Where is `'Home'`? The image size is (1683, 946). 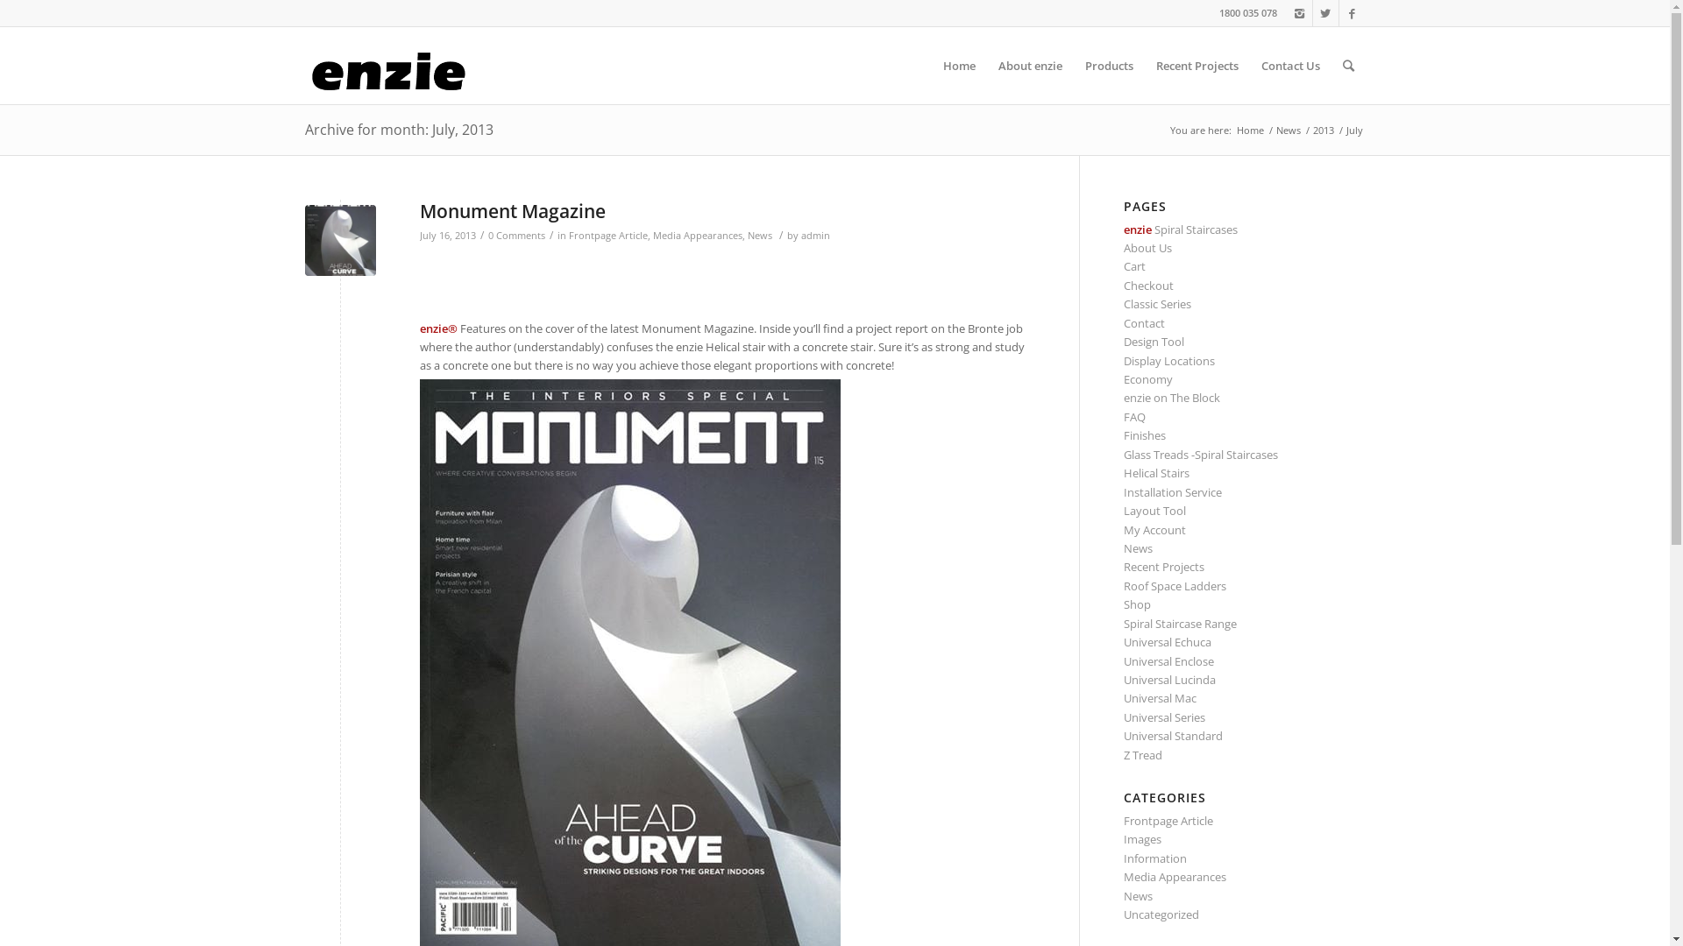 'Home' is located at coordinates (1249, 129).